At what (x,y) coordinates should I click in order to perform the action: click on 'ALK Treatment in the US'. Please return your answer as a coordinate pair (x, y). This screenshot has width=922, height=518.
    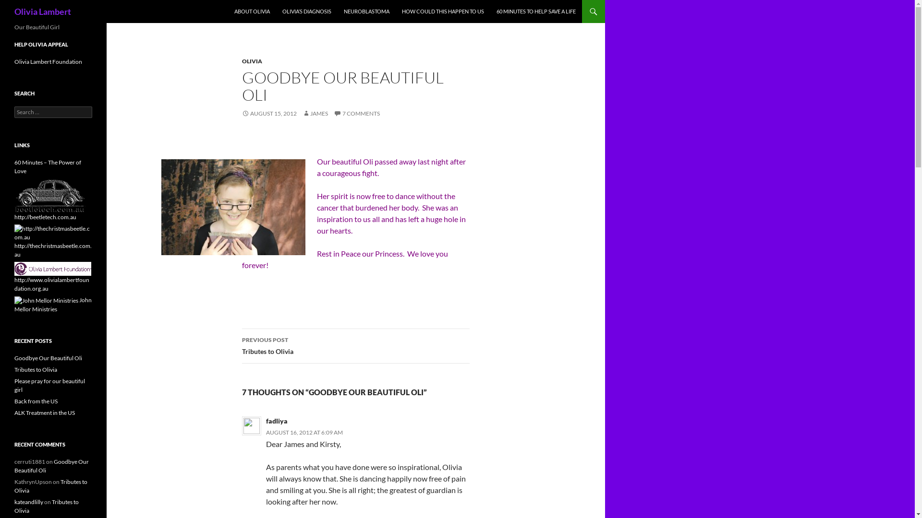
    Looking at the image, I should click on (44, 412).